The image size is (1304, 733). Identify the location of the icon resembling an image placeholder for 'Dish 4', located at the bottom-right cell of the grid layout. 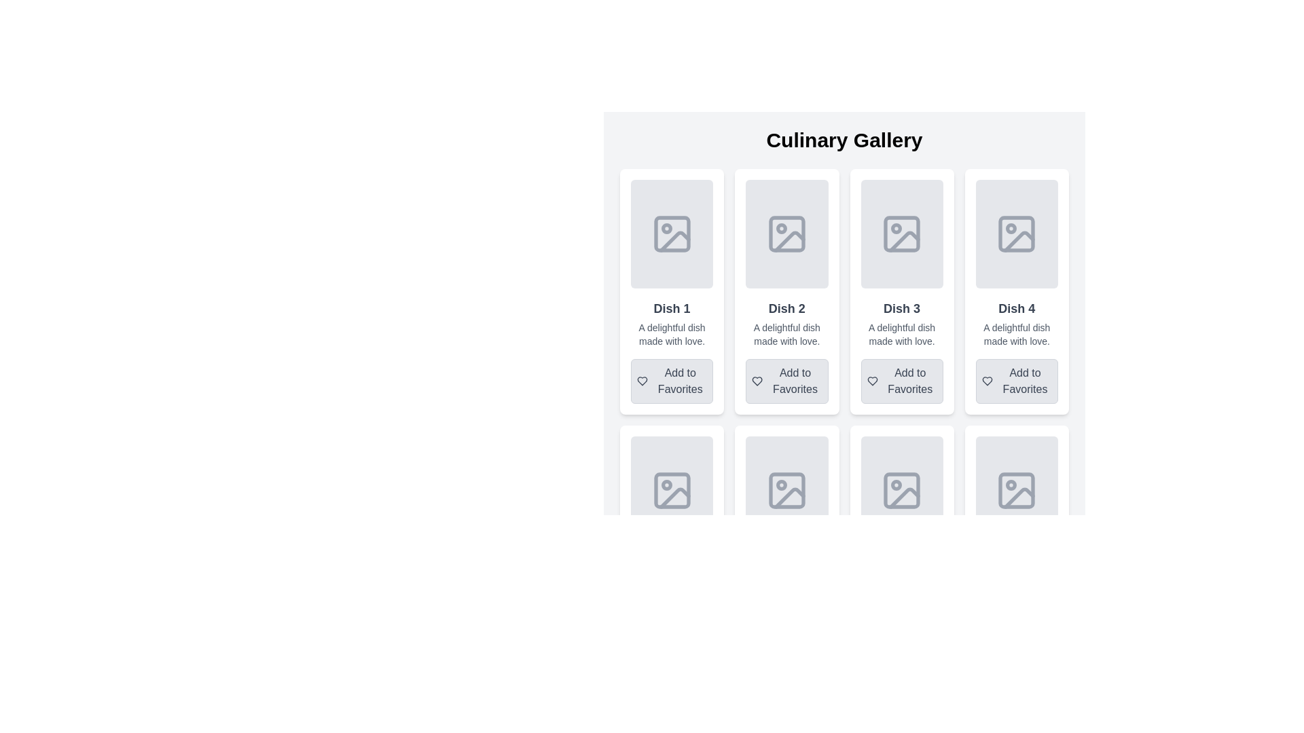
(1017, 490).